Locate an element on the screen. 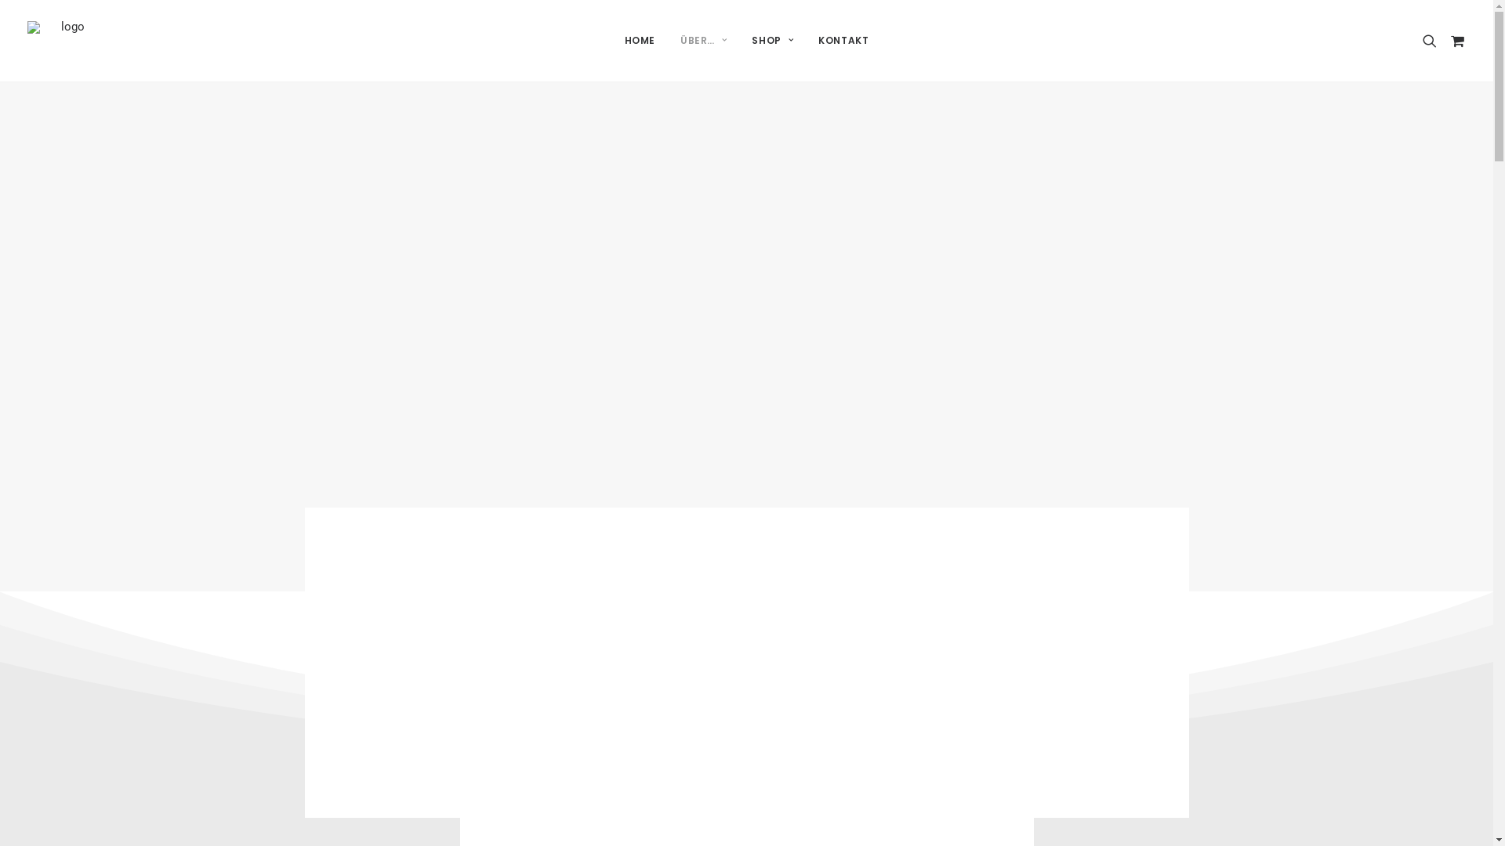 This screenshot has height=846, width=1505. 'cart' is located at coordinates (1454, 39).